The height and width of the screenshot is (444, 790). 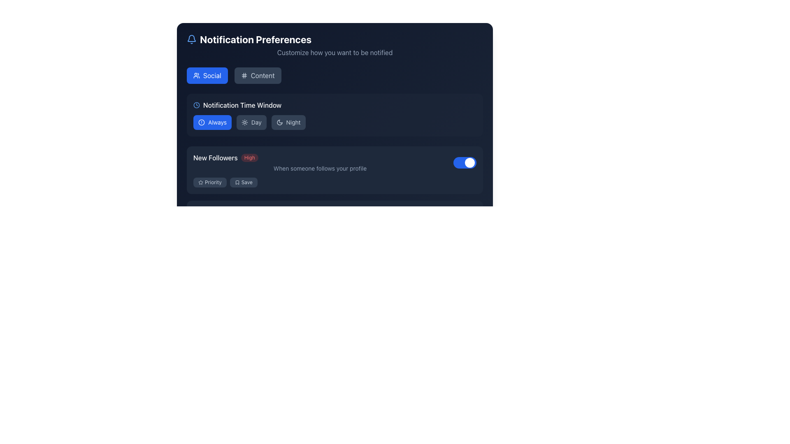 I want to click on the 'Social' button located in the upper-left area of the main section, which is the first button in a horizontal group of two buttons, so click(x=207, y=76).